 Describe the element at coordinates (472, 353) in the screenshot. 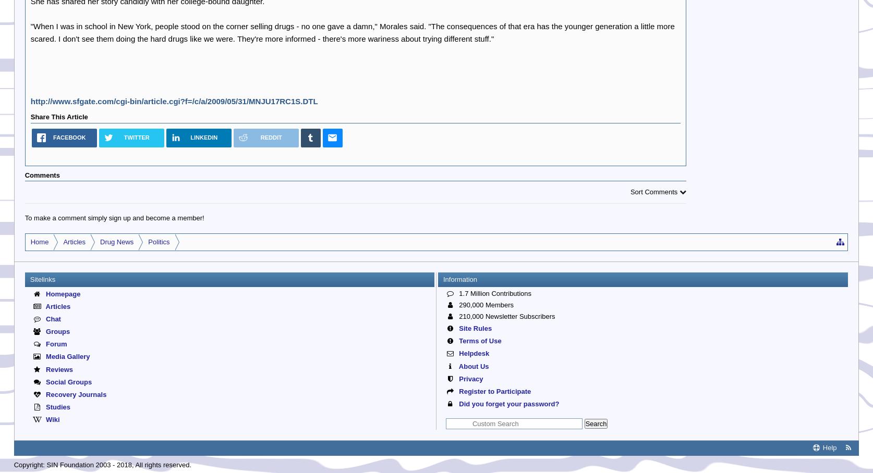

I see `'Helpdesk'` at that location.